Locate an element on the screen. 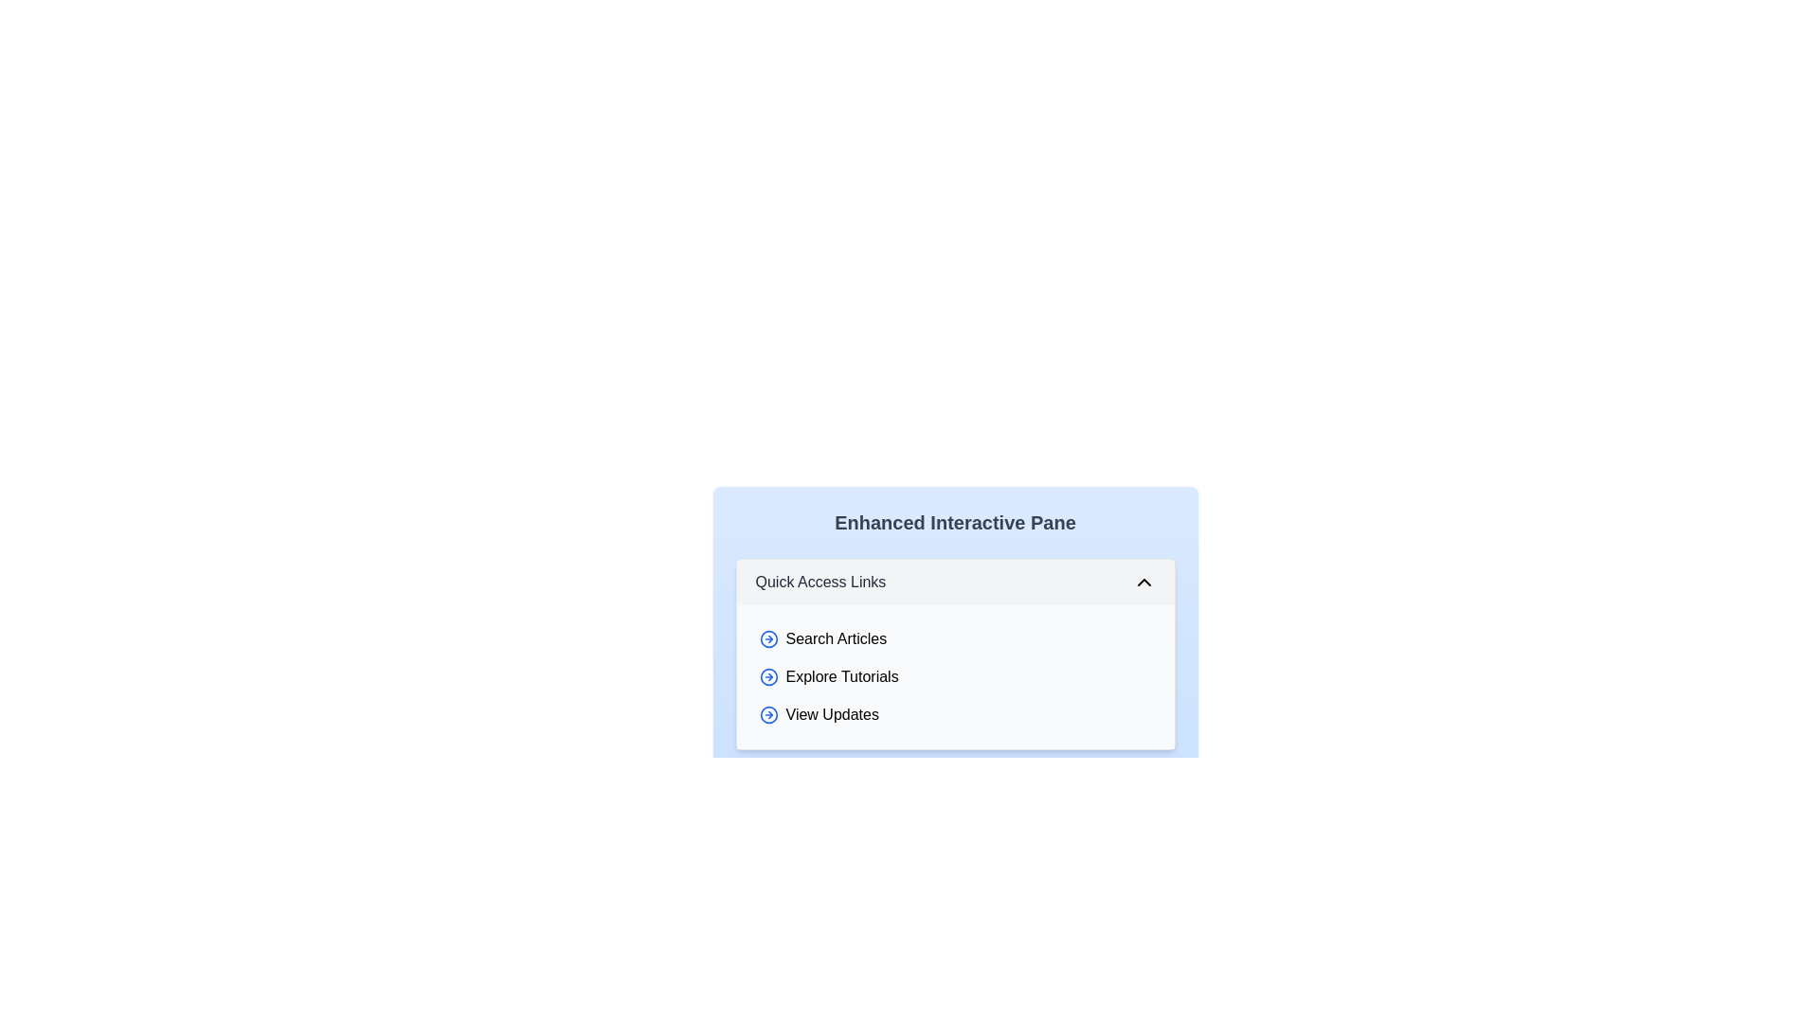 Image resolution: width=1819 pixels, height=1023 pixels. the icon associated with the list item Explore Tutorials is located at coordinates (768, 675).